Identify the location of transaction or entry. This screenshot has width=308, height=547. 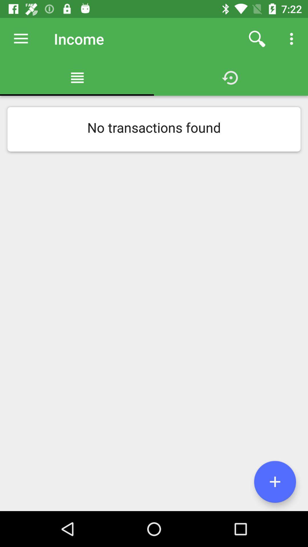
(275, 481).